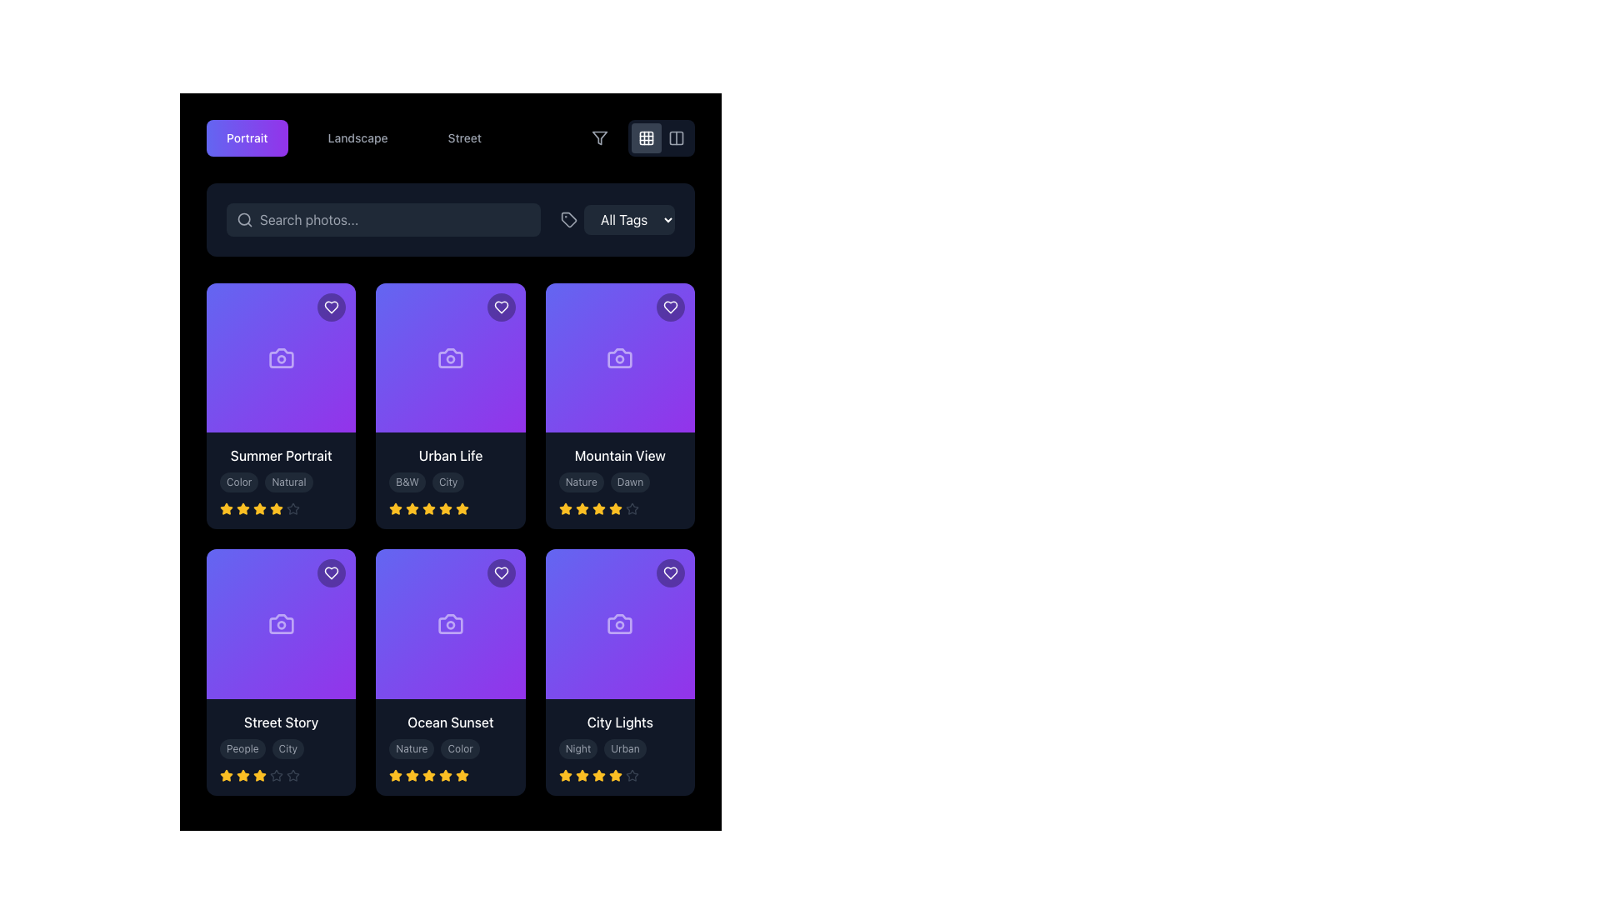  Describe the element at coordinates (462, 775) in the screenshot. I see `the fifth star in the 5-star rating system on the 'Ocean Sunset' card` at that location.